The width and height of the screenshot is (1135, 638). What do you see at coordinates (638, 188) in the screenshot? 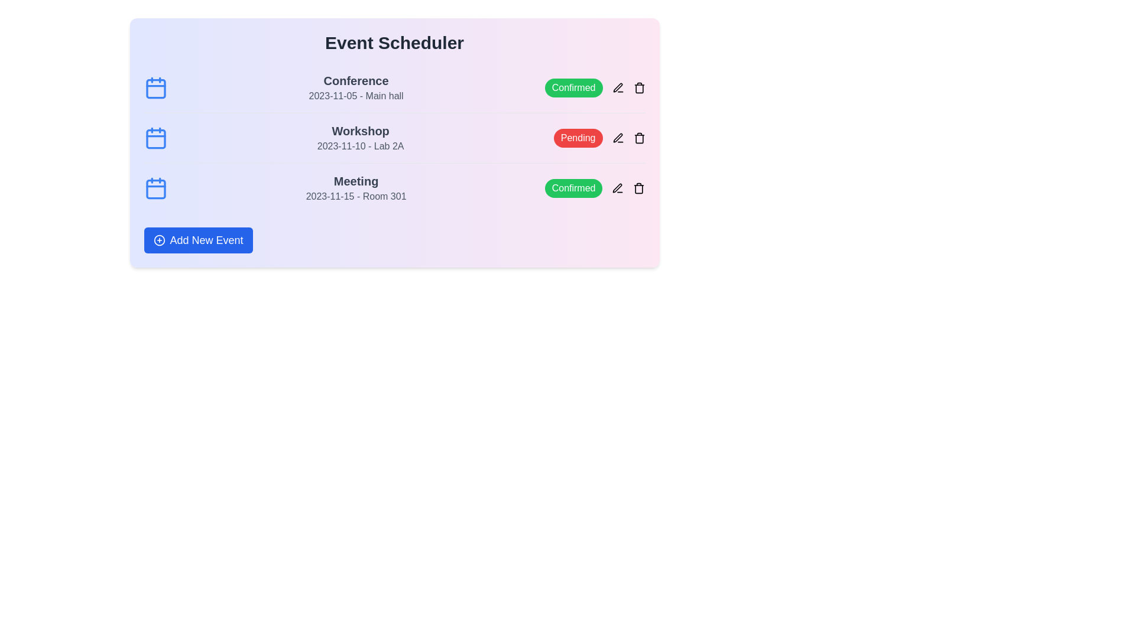
I see `the delete button at the end of the 'Meeting' row` at bounding box center [638, 188].